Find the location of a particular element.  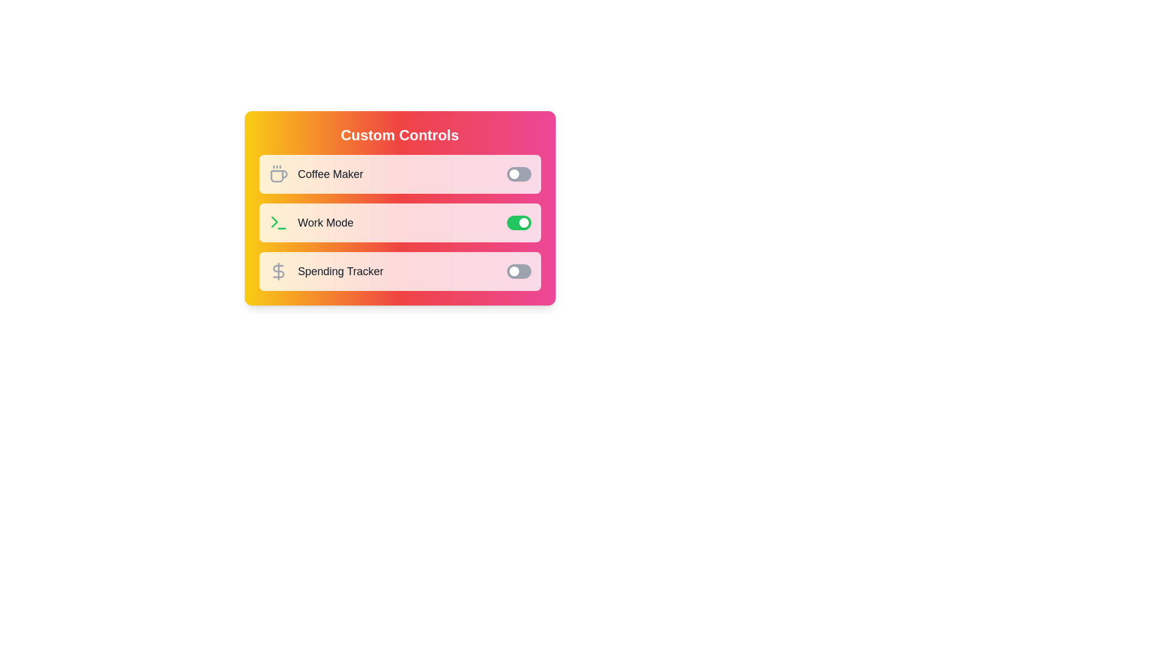

the Work Mode Icon to reveal additional information is located at coordinates (278, 222).